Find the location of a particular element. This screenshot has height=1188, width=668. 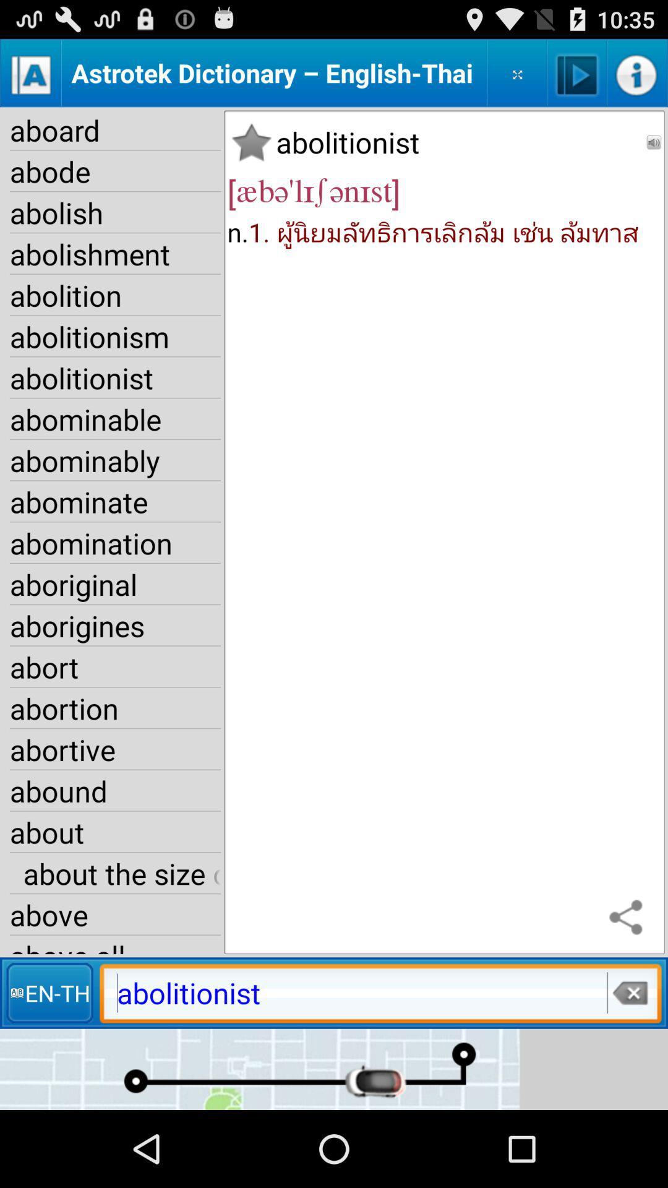

deletes entered text is located at coordinates (629, 992).